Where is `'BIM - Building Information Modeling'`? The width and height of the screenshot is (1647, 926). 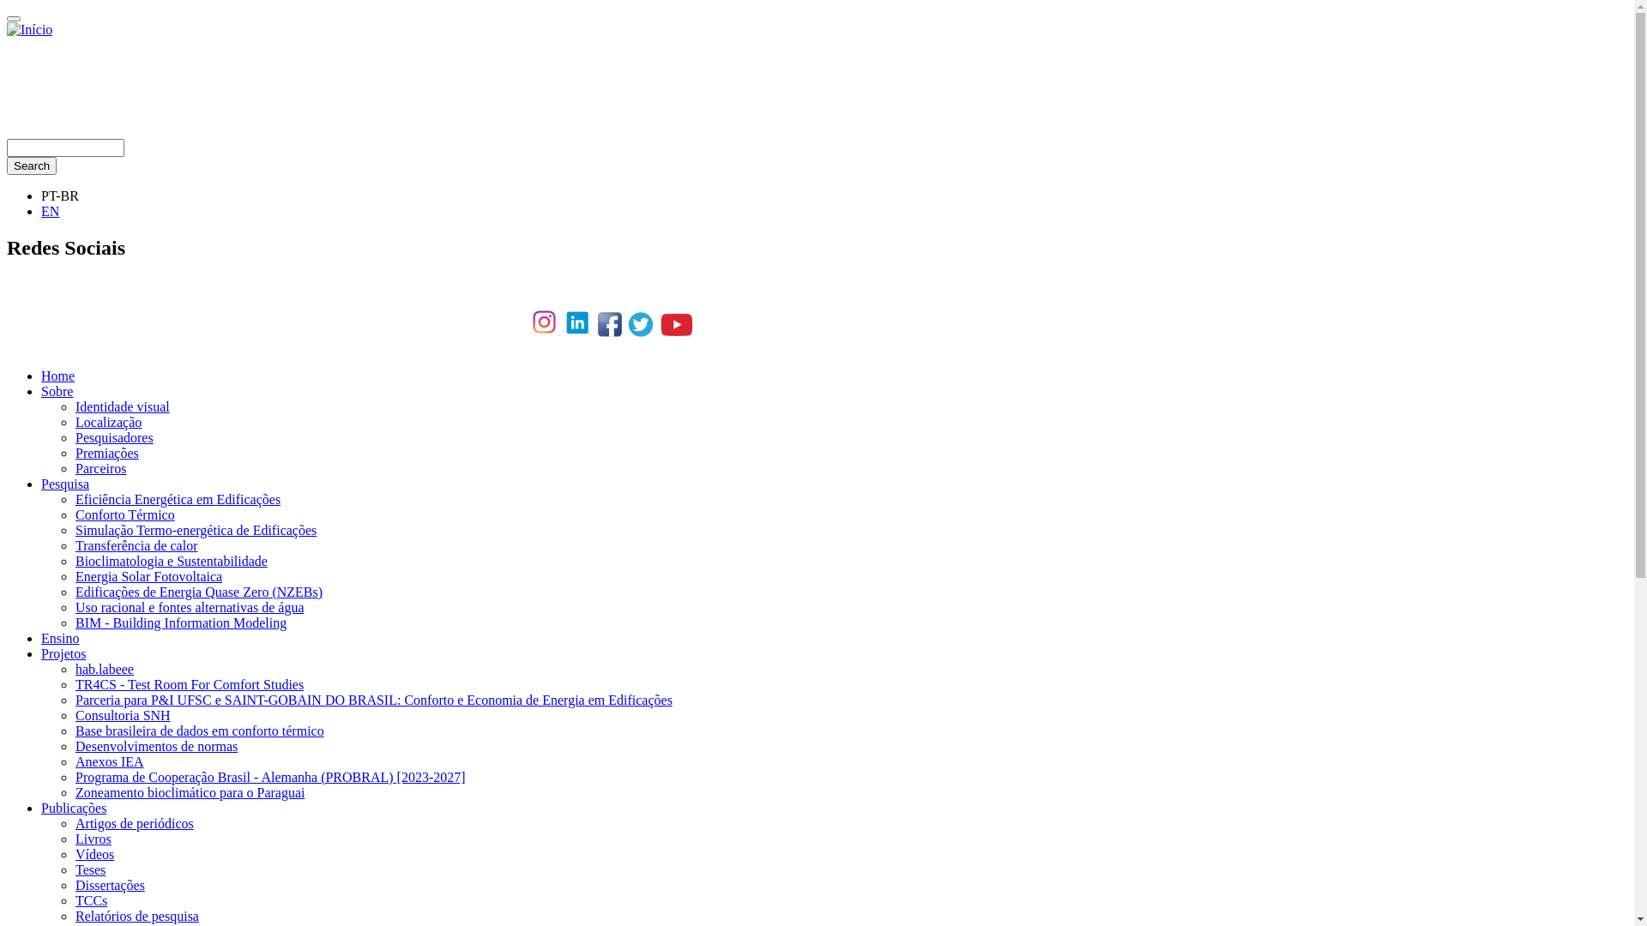
'BIM - Building Information Modeling' is located at coordinates (181, 622).